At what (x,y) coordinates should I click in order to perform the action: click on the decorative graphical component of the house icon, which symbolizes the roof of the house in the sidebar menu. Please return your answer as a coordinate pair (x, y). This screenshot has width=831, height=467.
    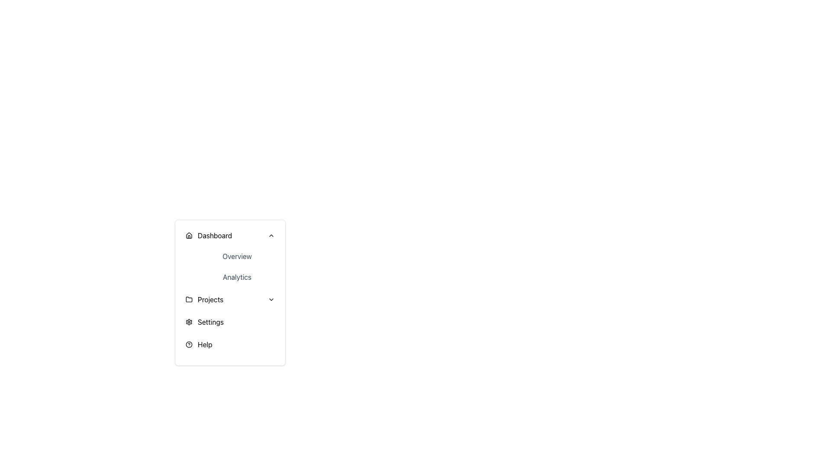
    Looking at the image, I should click on (188, 235).